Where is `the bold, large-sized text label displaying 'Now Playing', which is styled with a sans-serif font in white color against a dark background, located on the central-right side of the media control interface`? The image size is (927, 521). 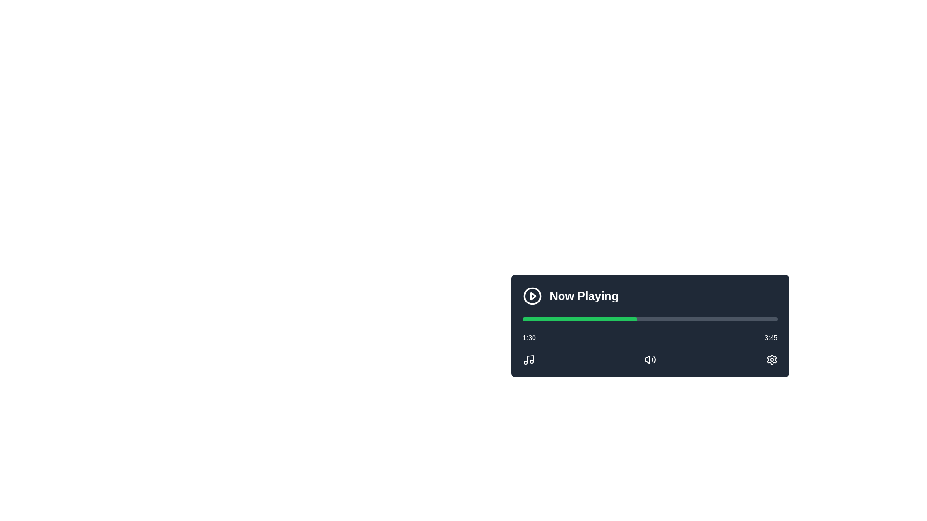 the bold, large-sized text label displaying 'Now Playing', which is styled with a sans-serif font in white color against a dark background, located on the central-right side of the media control interface is located at coordinates (583, 295).